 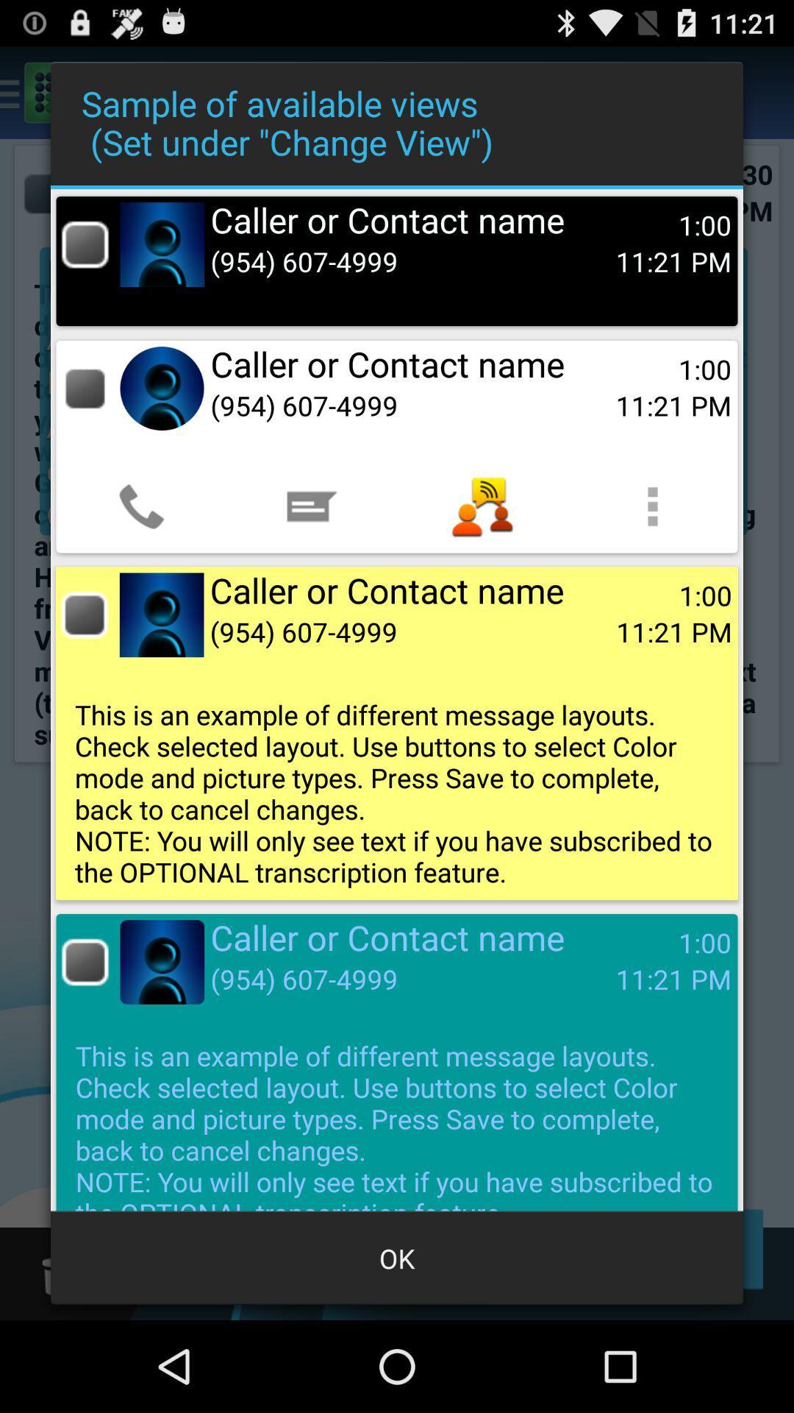 I want to click on caller, so click(x=85, y=244).